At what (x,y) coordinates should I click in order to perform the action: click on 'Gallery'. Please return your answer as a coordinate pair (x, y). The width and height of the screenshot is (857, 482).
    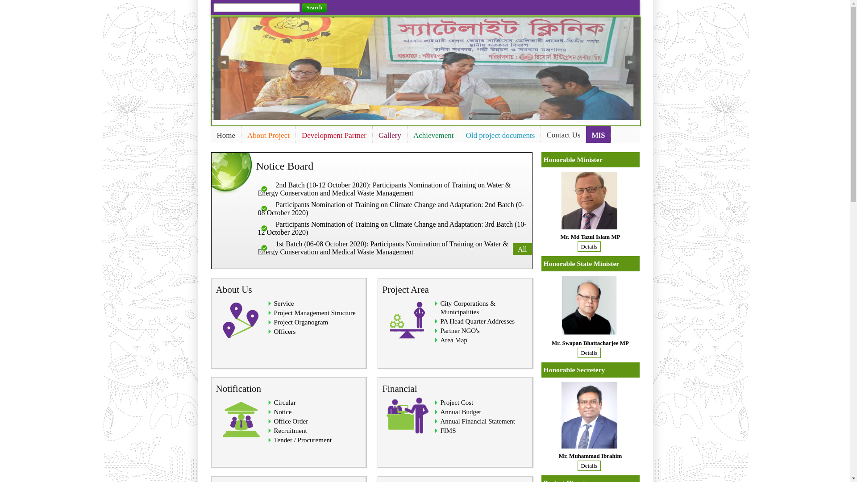
    Looking at the image, I should click on (390, 136).